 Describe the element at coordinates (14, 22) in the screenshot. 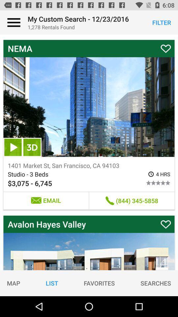

I see `the item at the top left corner` at that location.